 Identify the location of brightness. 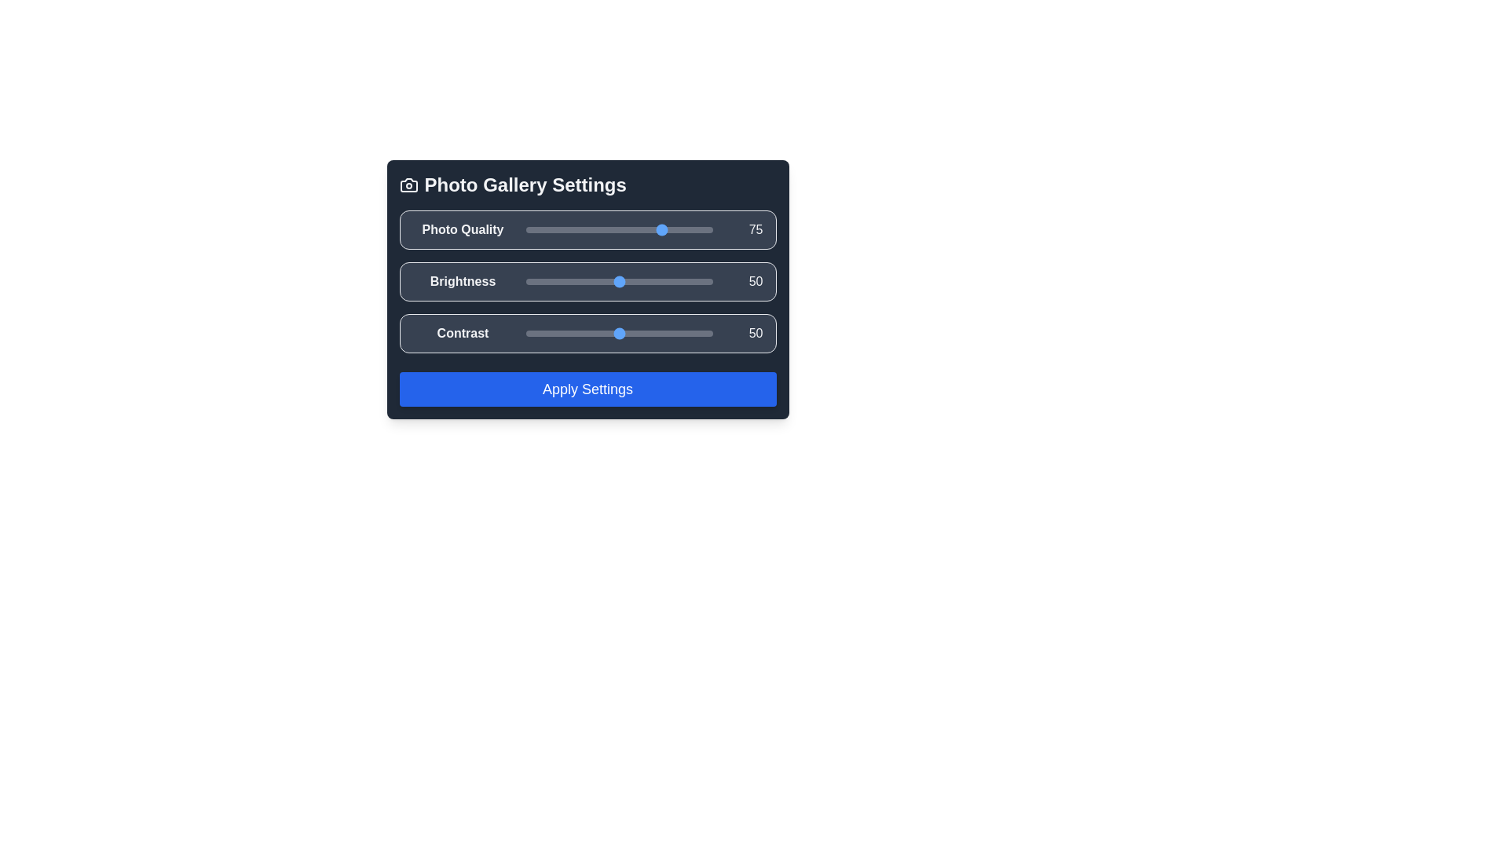
(645, 280).